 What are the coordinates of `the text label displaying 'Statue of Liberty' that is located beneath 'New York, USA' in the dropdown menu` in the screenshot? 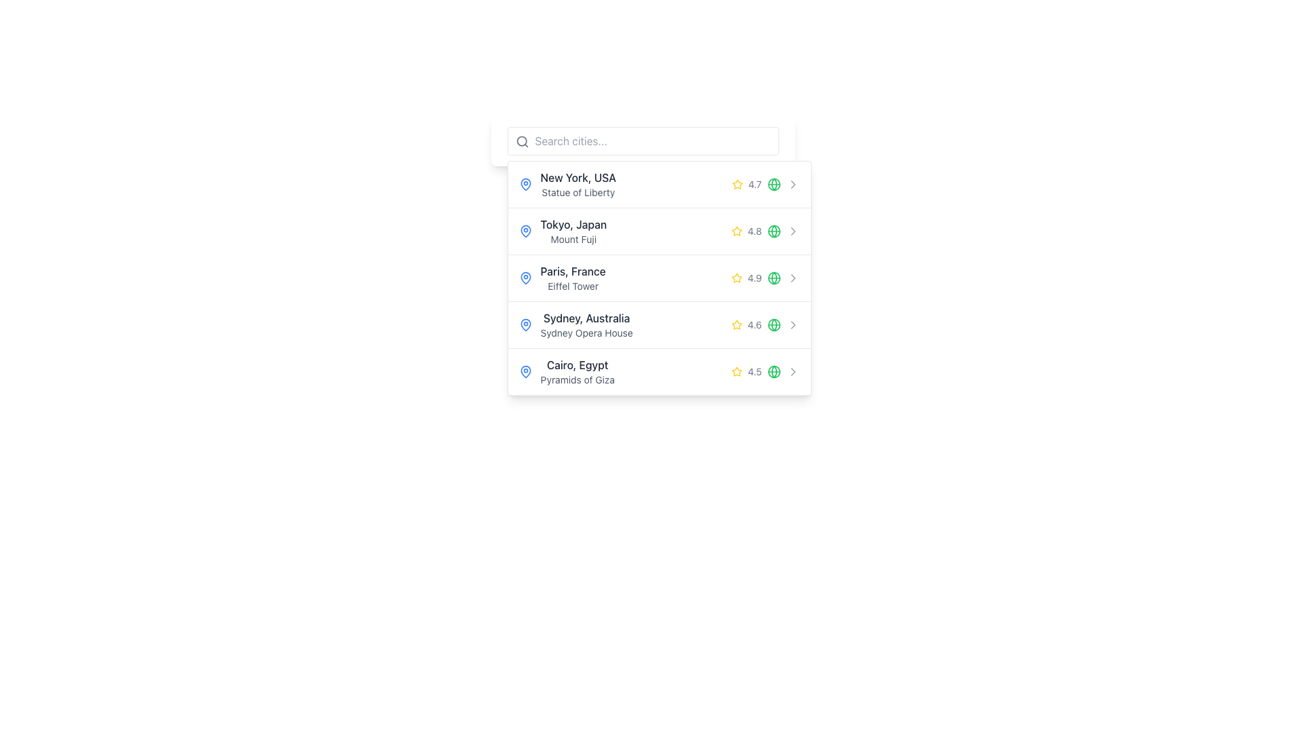 It's located at (578, 193).